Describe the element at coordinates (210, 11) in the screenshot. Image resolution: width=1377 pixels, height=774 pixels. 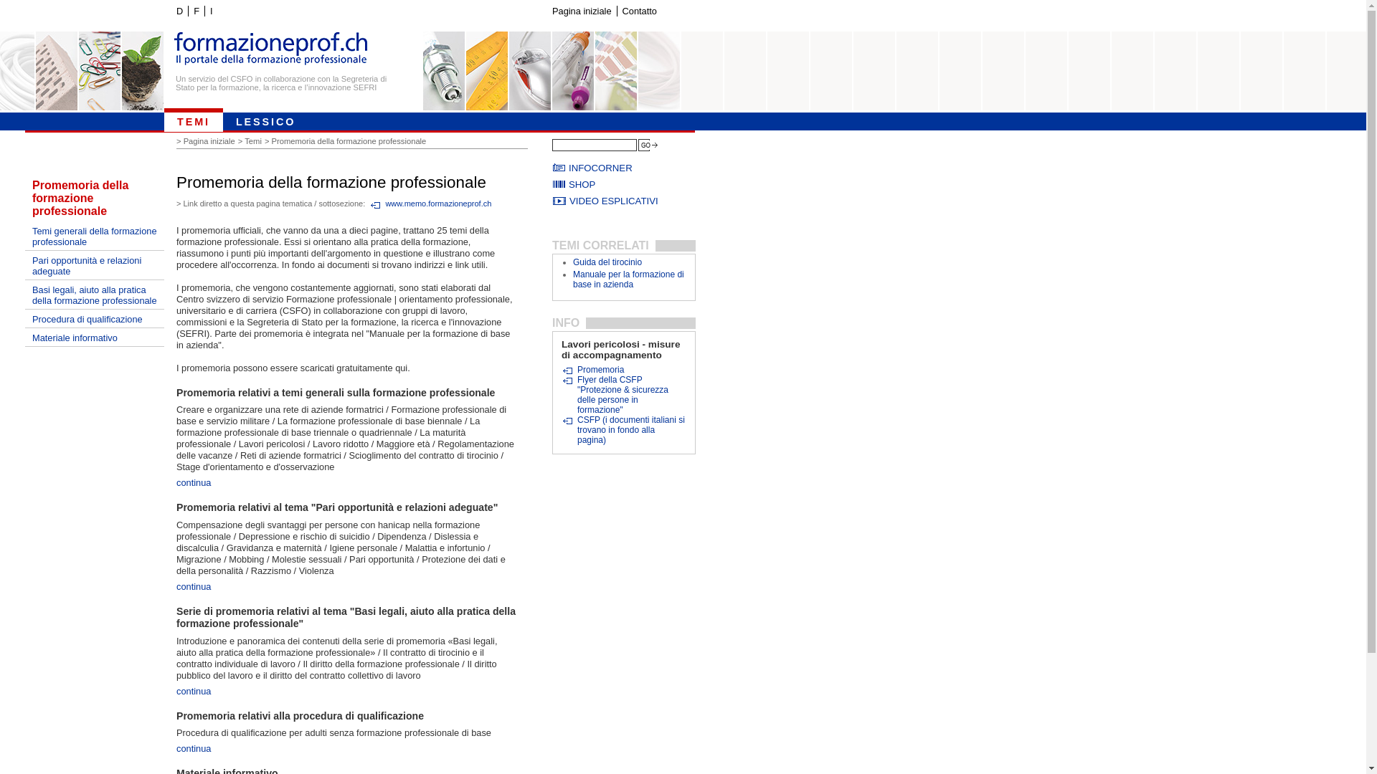
I see `'I'` at that location.